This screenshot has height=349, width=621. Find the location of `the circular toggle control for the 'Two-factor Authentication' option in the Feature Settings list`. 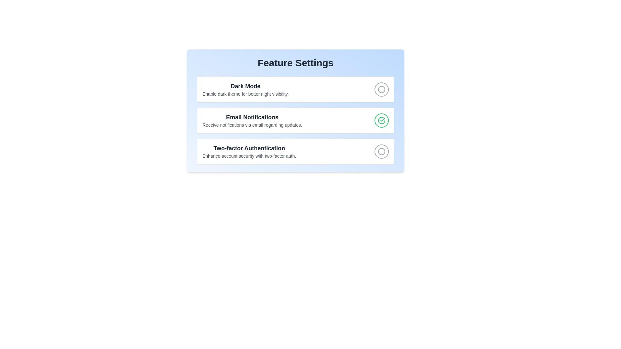

the circular toggle control for the 'Two-factor Authentication' option in the Feature Settings list is located at coordinates (295, 152).